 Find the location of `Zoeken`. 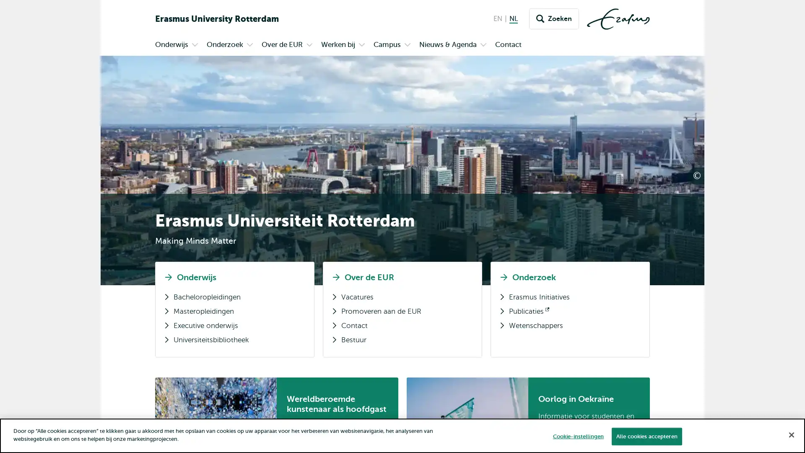

Zoeken is located at coordinates (554, 19).